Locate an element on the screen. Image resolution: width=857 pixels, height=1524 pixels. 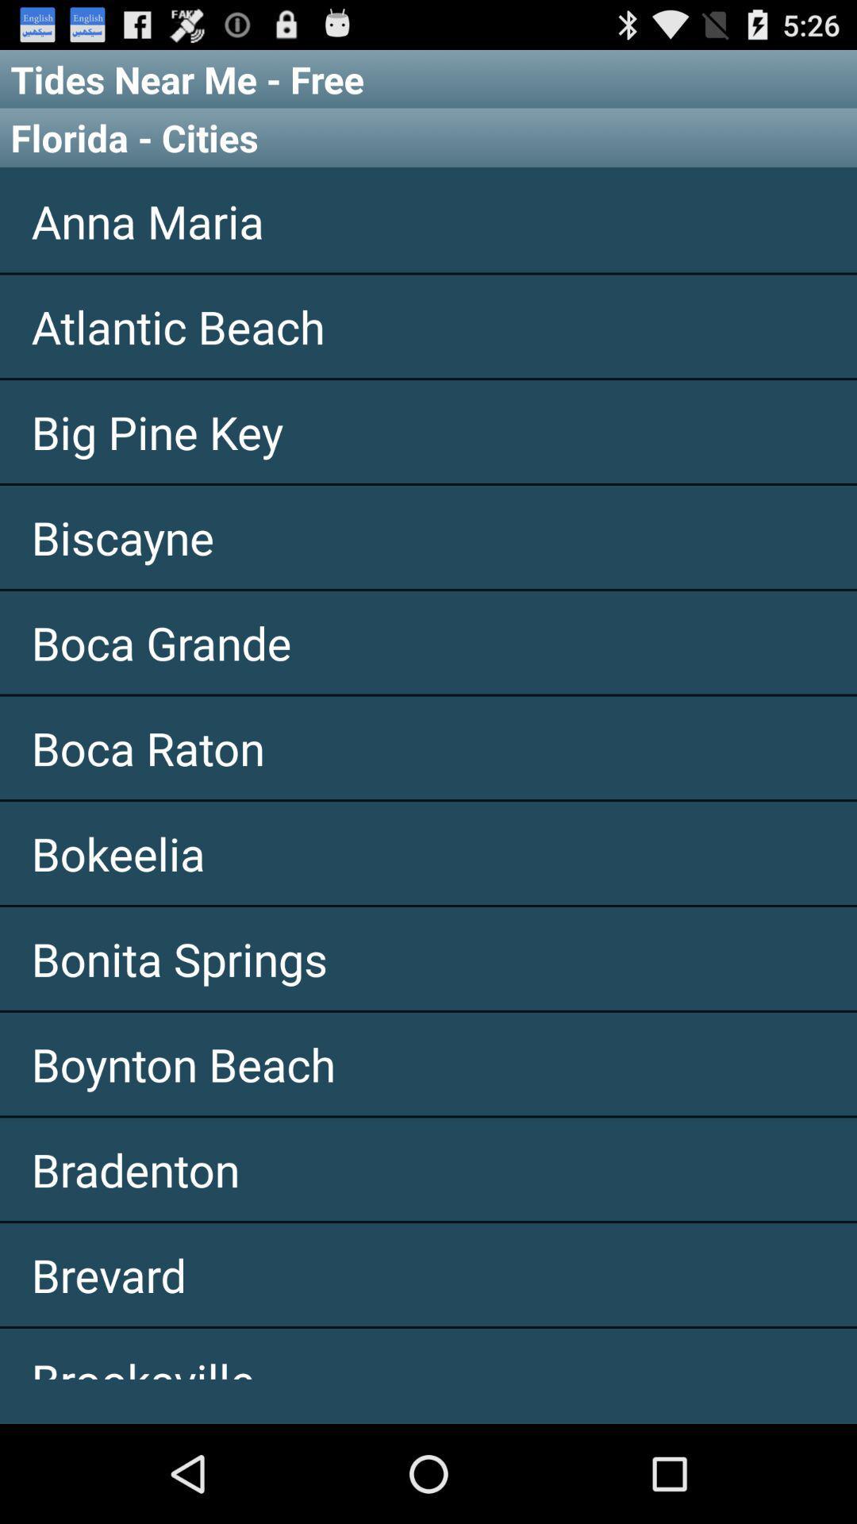
the item above the bokeelia is located at coordinates (428, 747).